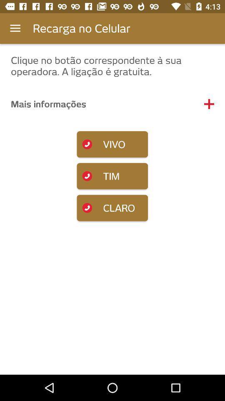  What do you see at coordinates (15, 28) in the screenshot?
I see `the app to the left of the recarga no celular item` at bounding box center [15, 28].